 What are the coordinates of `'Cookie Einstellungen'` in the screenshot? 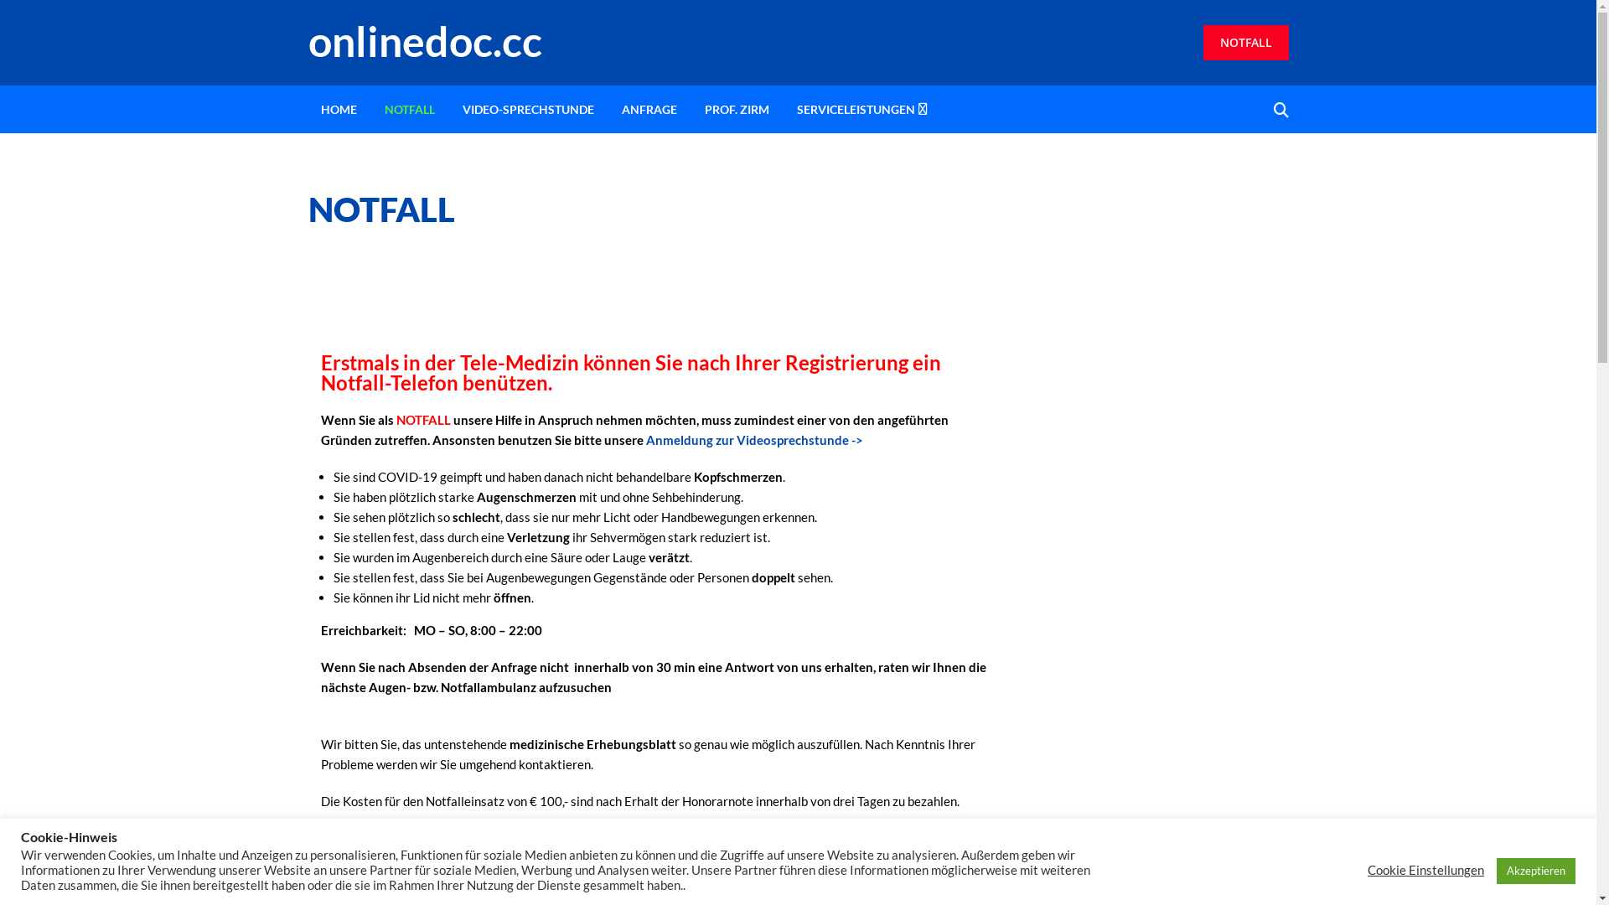 It's located at (1425, 869).